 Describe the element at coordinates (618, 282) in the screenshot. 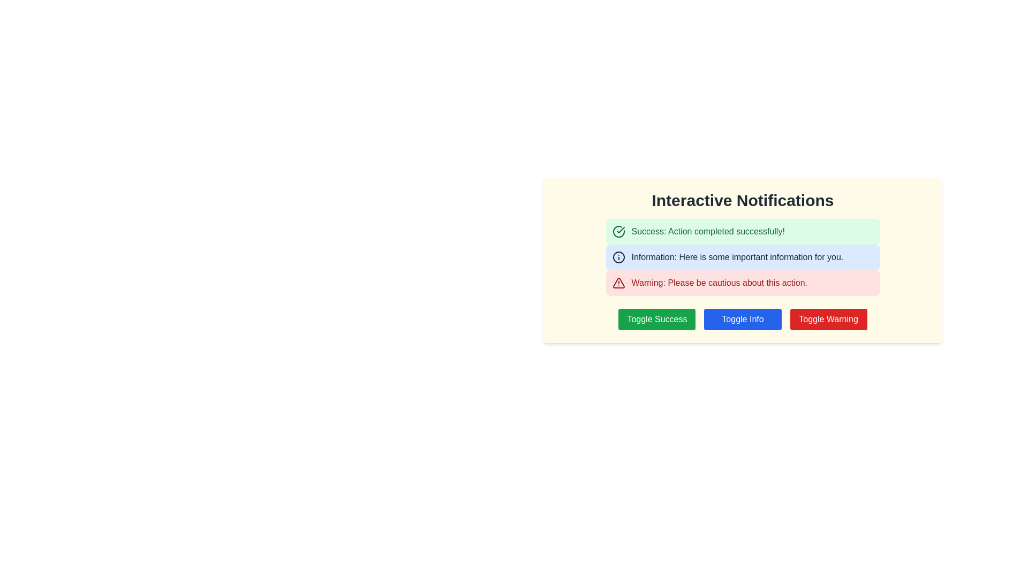

I see `the triangular alert icon with a red border located inside the red notification box labeled 'Warning: Please be cautious about this action.'` at that location.